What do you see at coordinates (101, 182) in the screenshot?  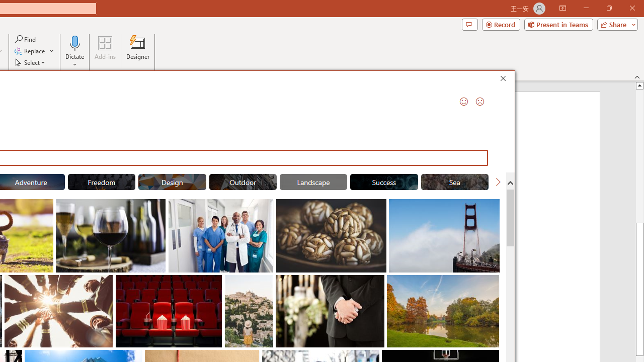 I see `'"Freedom" Stock Images.'` at bounding box center [101, 182].